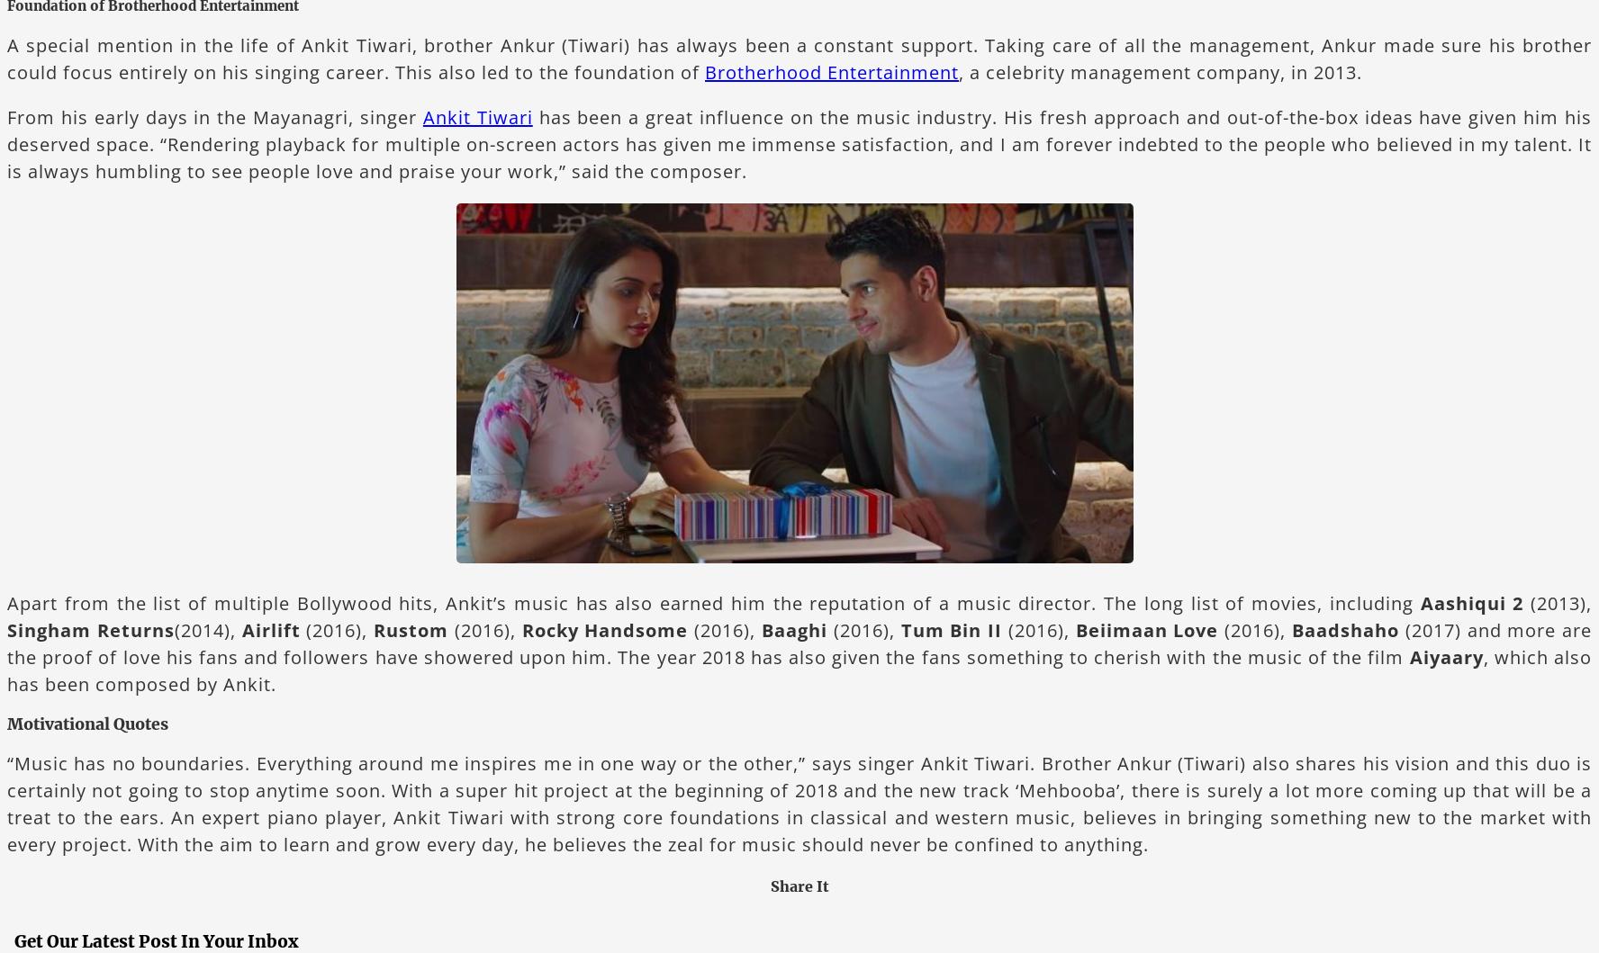  What do you see at coordinates (5, 142) in the screenshot?
I see `'has been a great influence on the music industry. His fresh approach and out-of-the-box ideas have given him his deserved space. “Rendering playback for multiple on-screen actors has given me immense satisfaction, and I am forever indebted to the people who believed in my talent. It is always humbling to see people love and praise your work,” said the composer.'` at bounding box center [5, 142].